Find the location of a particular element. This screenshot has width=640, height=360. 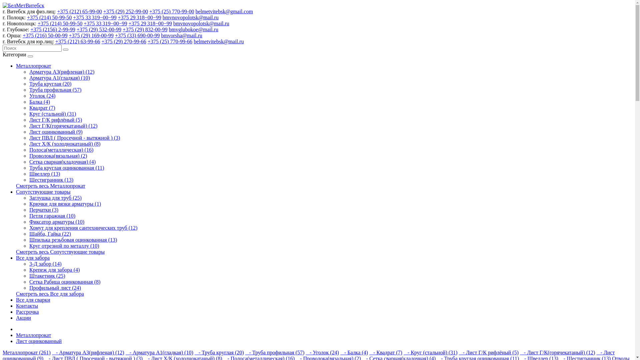

'bmvorsha@mail.ru' is located at coordinates (182, 35).